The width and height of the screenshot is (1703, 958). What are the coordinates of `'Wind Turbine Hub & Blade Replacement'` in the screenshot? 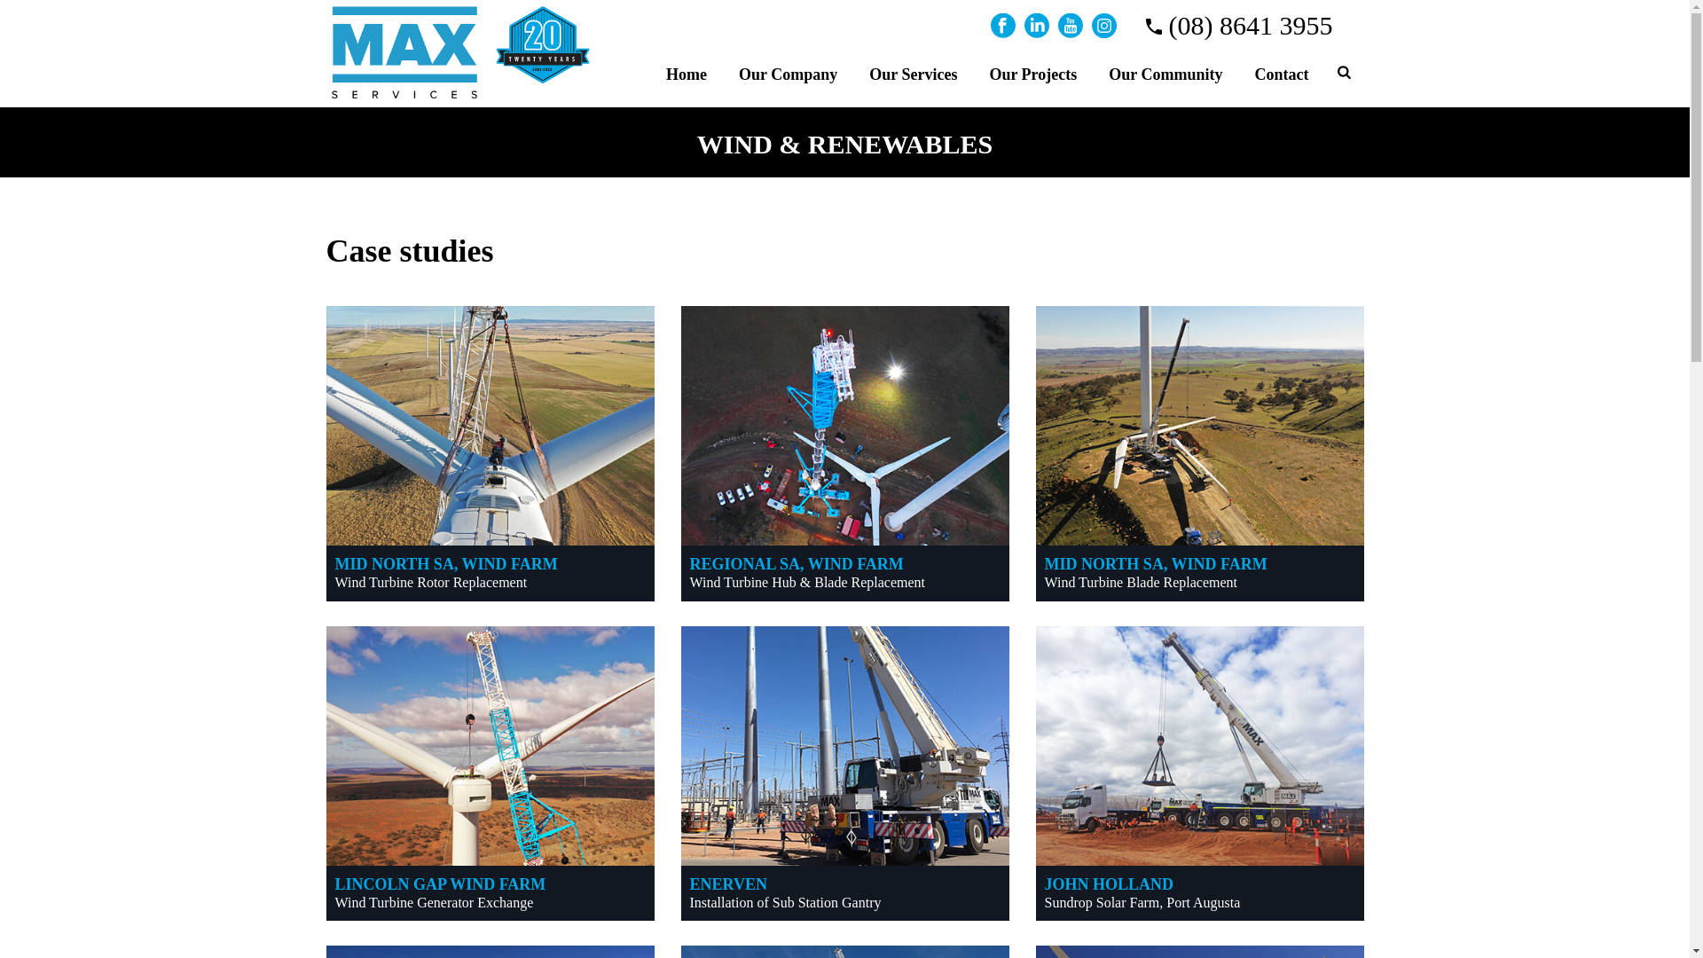 It's located at (807, 582).